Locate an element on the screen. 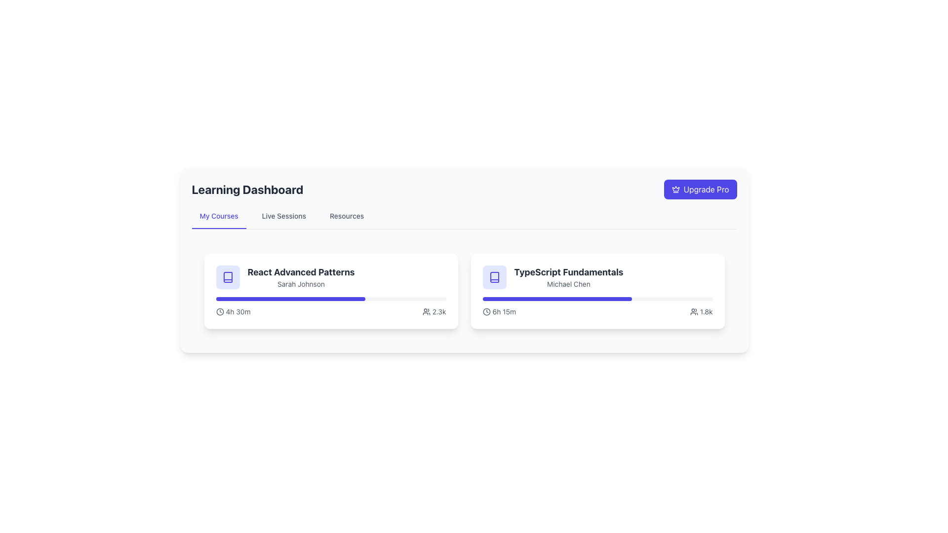 The image size is (948, 533). the decorative icon located inside the 'Upgrade Pro' button, positioned near the top-right corner of the interface, to interact with the button is located at coordinates (675, 190).